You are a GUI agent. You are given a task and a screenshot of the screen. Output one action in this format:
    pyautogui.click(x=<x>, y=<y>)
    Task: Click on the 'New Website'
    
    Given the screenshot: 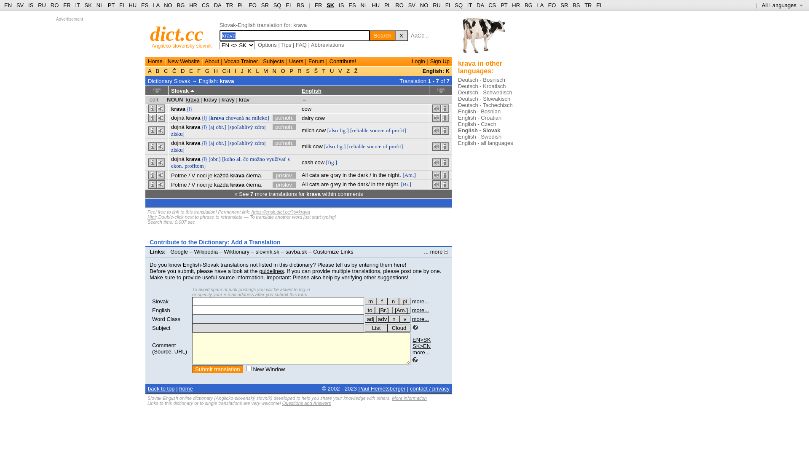 What is the action you would take?
    pyautogui.click(x=183, y=61)
    